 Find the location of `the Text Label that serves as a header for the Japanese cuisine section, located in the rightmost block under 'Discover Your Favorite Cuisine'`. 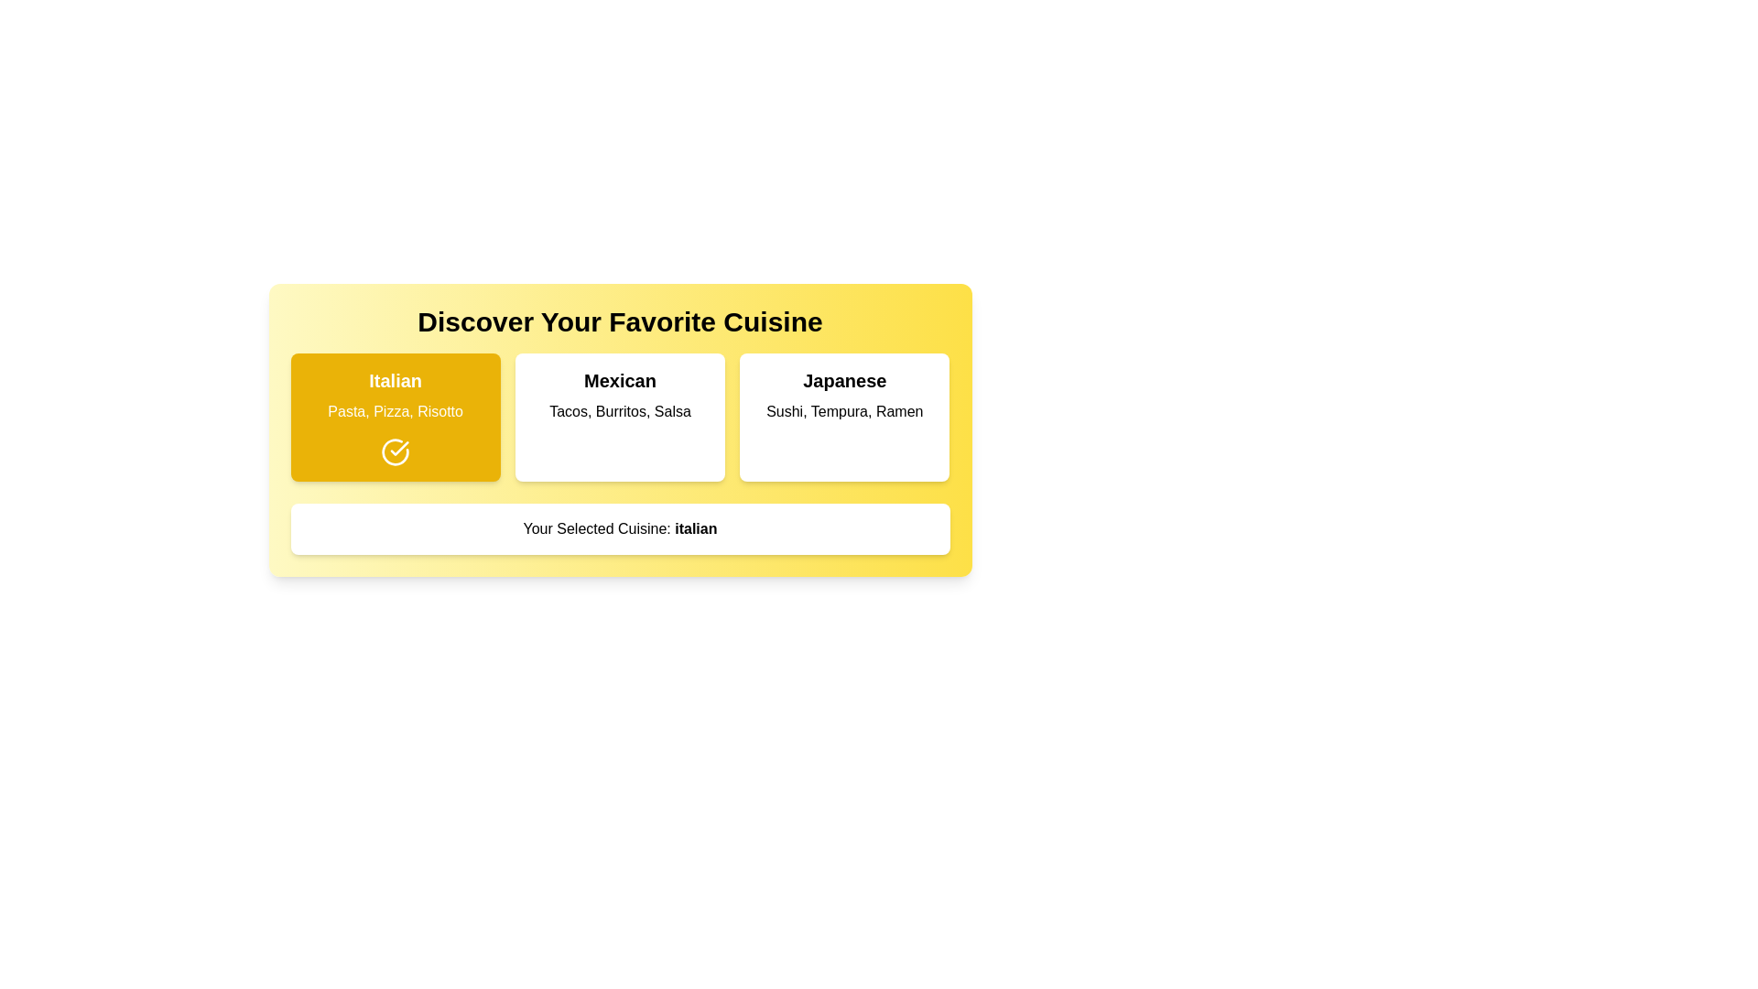

the Text Label that serves as a header for the Japanese cuisine section, located in the rightmost block under 'Discover Your Favorite Cuisine' is located at coordinates (843, 380).